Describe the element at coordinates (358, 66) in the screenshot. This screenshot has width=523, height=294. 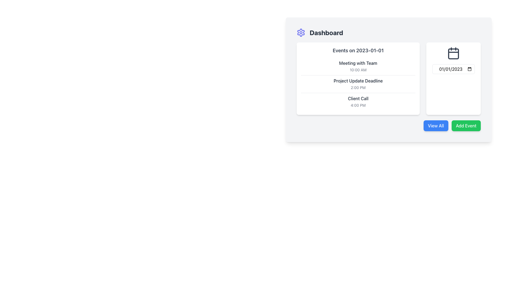
I see `the title of the first scheduled event in the 'Events on 2023-01-01' section` at that location.